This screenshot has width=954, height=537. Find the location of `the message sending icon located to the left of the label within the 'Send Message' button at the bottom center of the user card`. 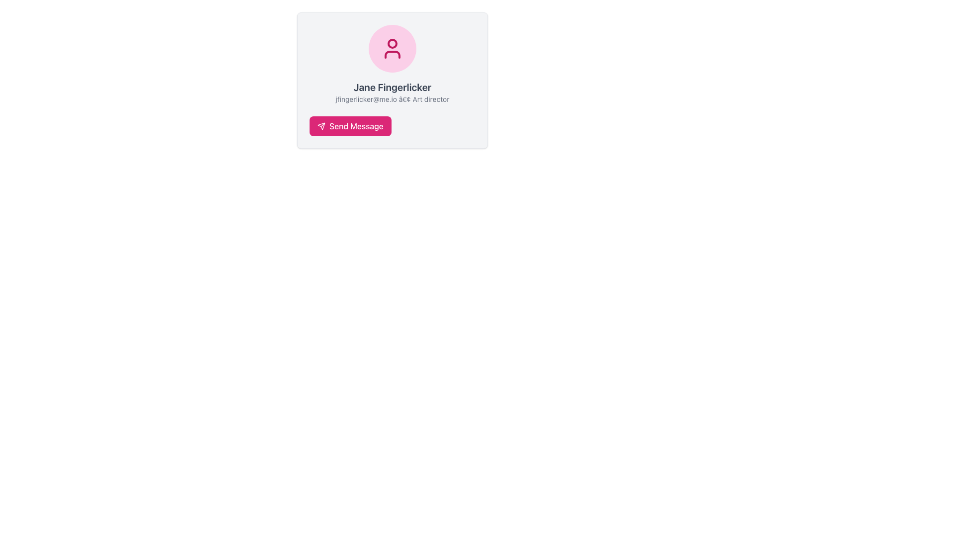

the message sending icon located to the left of the label within the 'Send Message' button at the bottom center of the user card is located at coordinates (321, 126).